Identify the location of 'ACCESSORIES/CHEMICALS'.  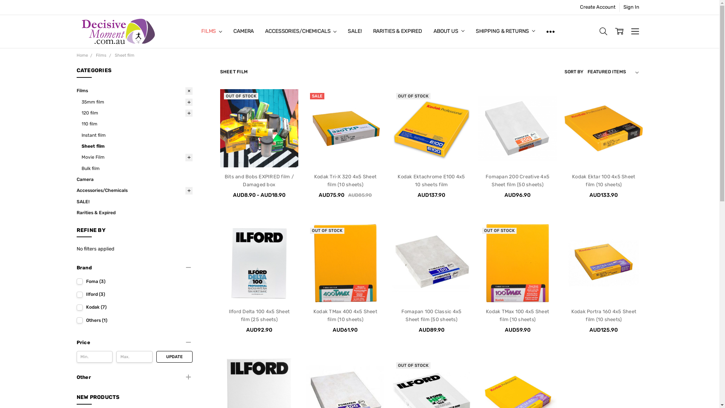
(300, 31).